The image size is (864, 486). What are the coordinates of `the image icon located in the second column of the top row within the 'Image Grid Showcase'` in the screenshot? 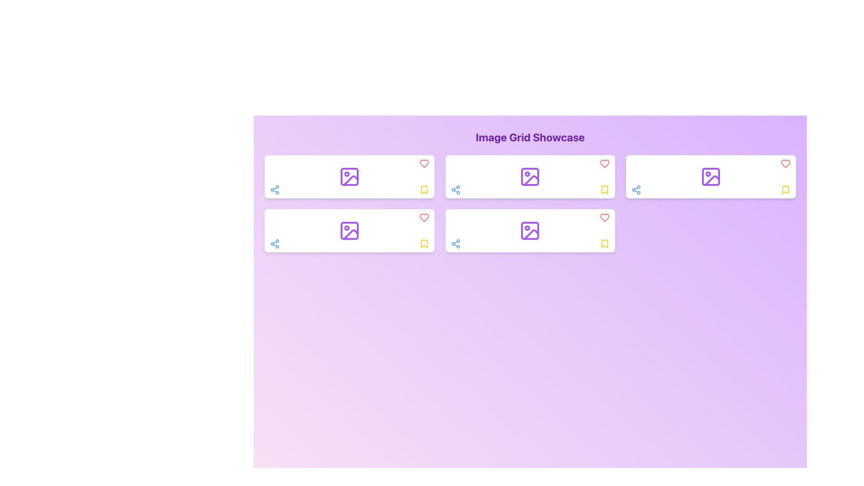 It's located at (530, 177).